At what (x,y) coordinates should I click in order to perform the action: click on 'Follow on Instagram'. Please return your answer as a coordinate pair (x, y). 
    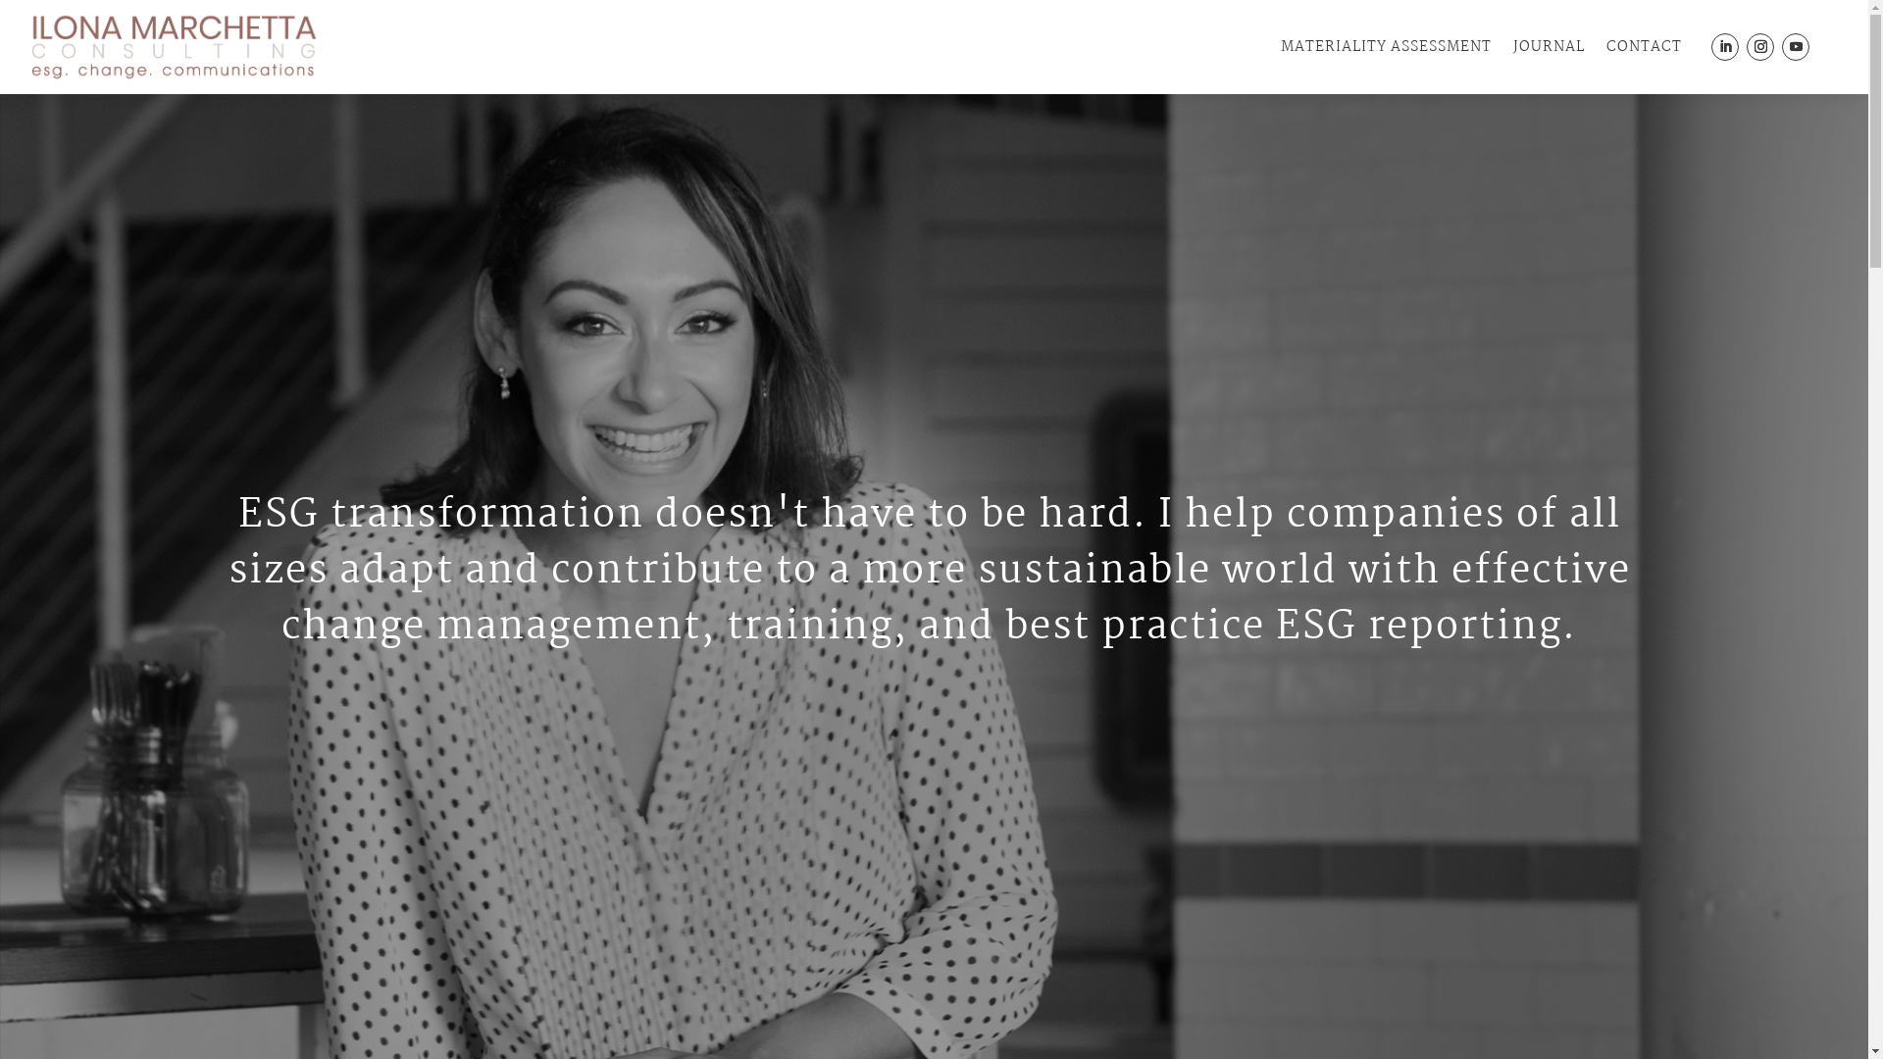
    Looking at the image, I should click on (1760, 45).